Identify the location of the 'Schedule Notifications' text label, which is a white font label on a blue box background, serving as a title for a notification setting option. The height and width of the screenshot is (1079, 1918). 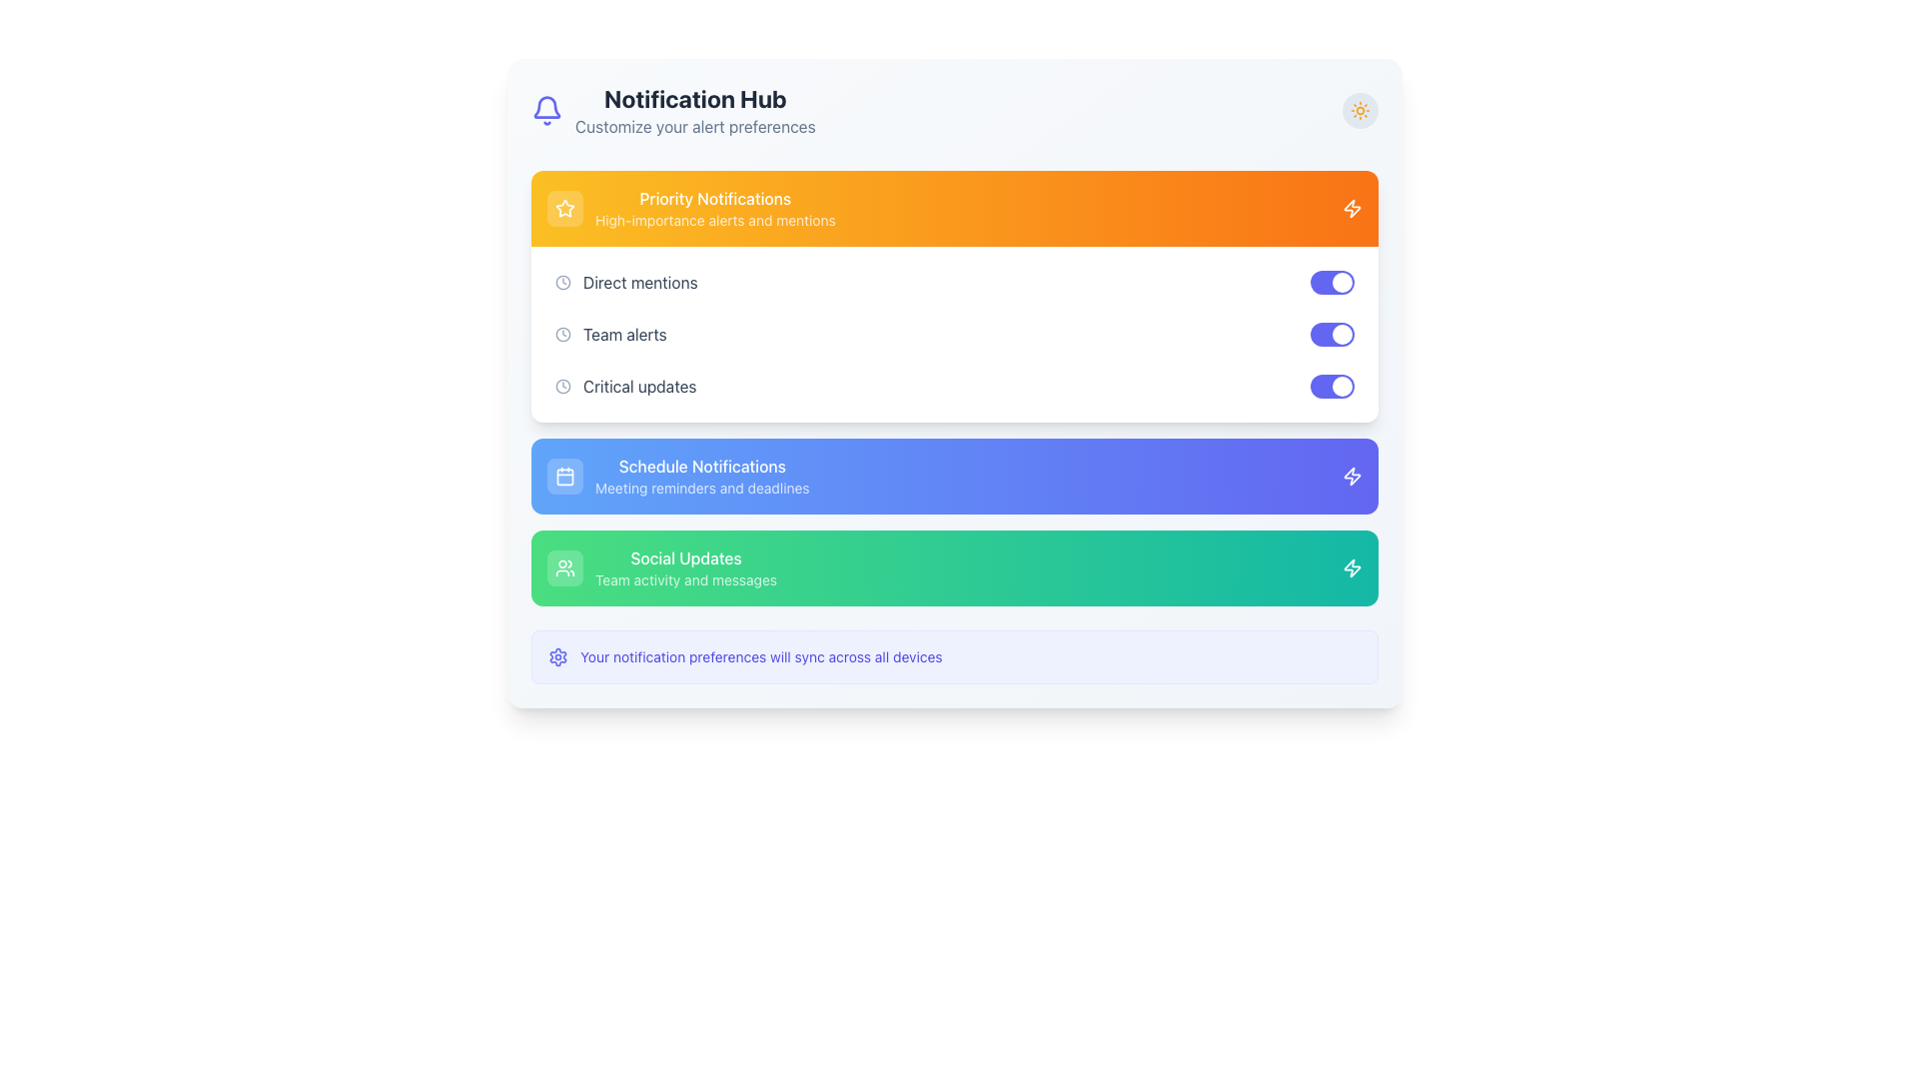
(702, 466).